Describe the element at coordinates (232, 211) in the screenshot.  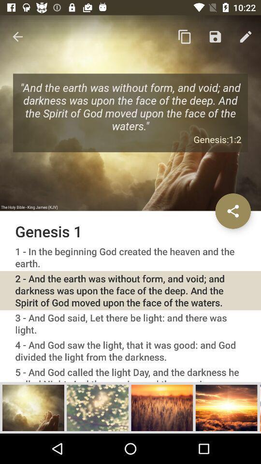
I see `icon on the right` at that location.